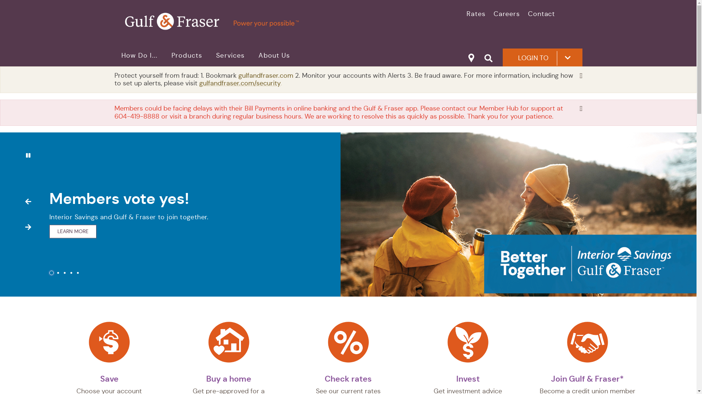 Image resolution: width=702 pixels, height=394 pixels. Describe the element at coordinates (587, 378) in the screenshot. I see `'Join Gulf & Fraser*'` at that location.